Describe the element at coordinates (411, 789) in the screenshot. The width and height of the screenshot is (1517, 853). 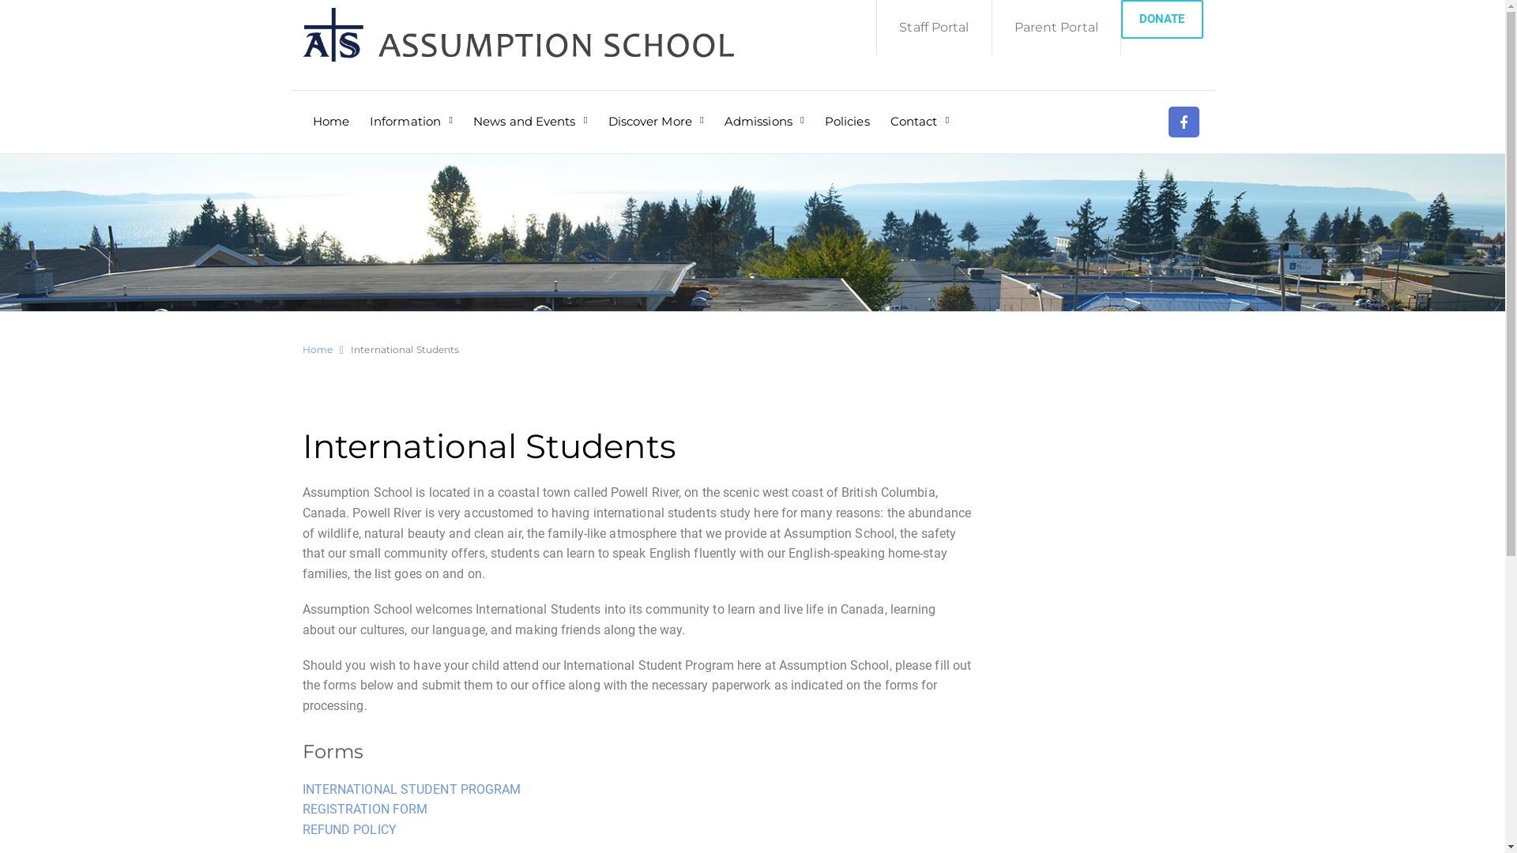
I see `'INTERNATIONAL STUDENT PROGRAM'` at that location.